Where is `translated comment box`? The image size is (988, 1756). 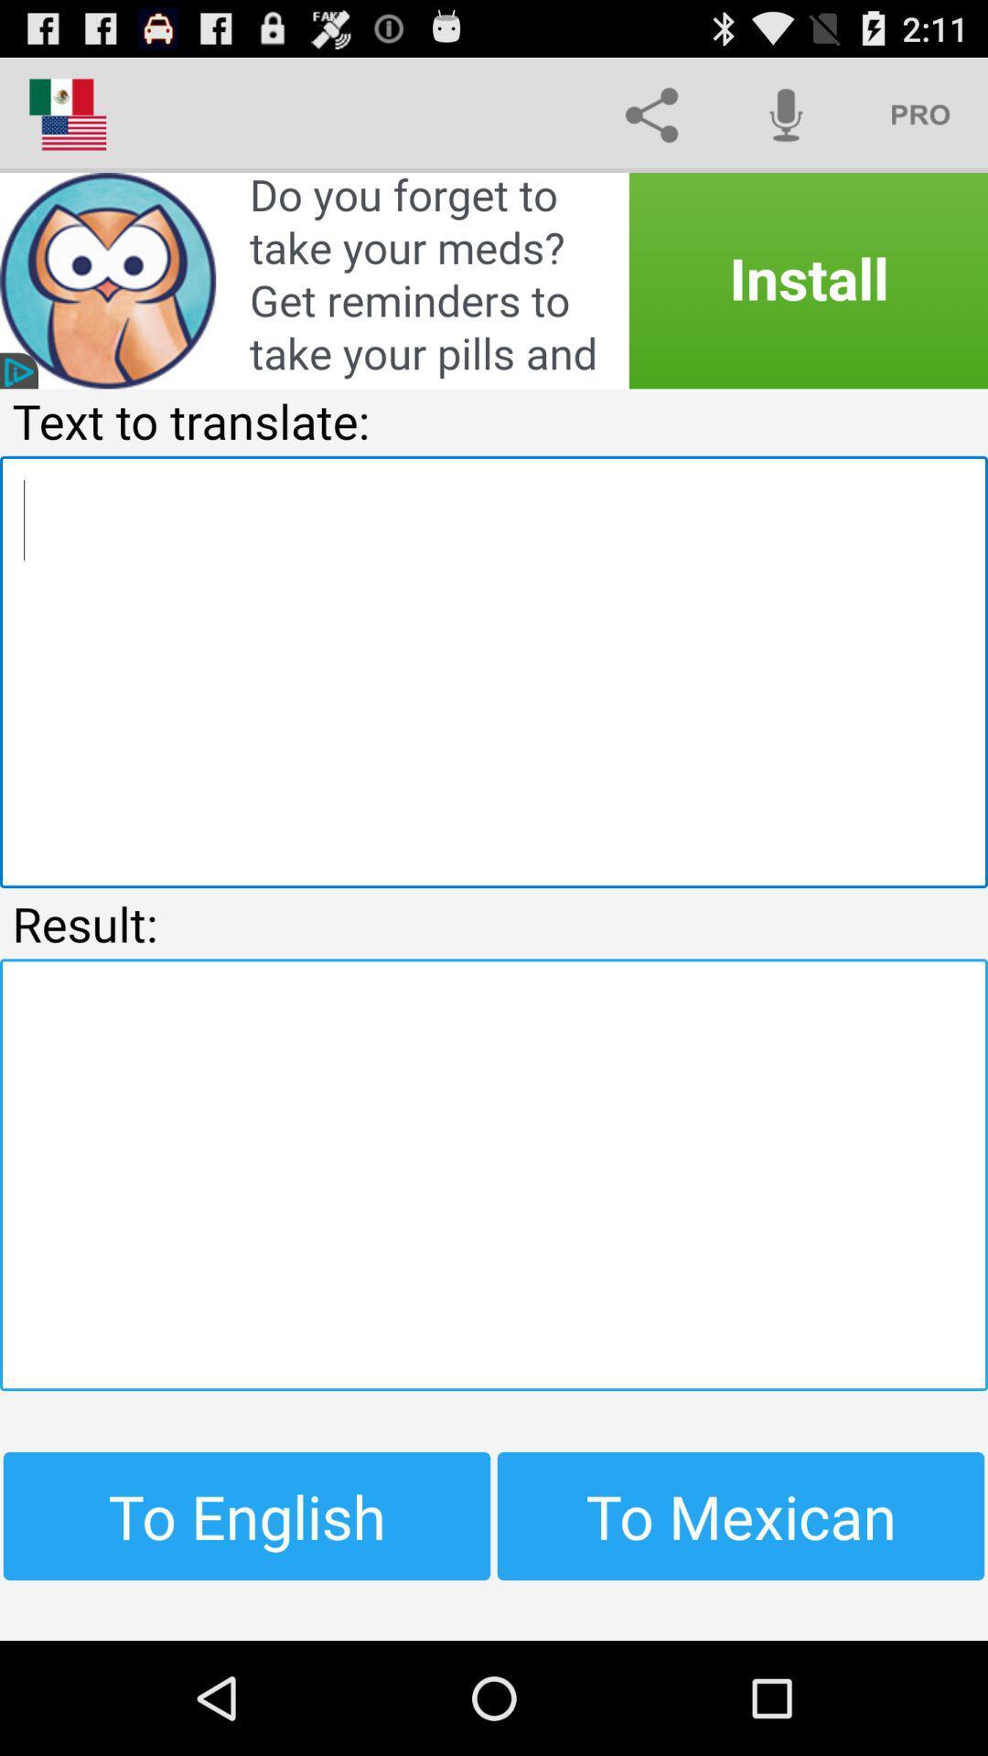 translated comment box is located at coordinates (494, 1174).